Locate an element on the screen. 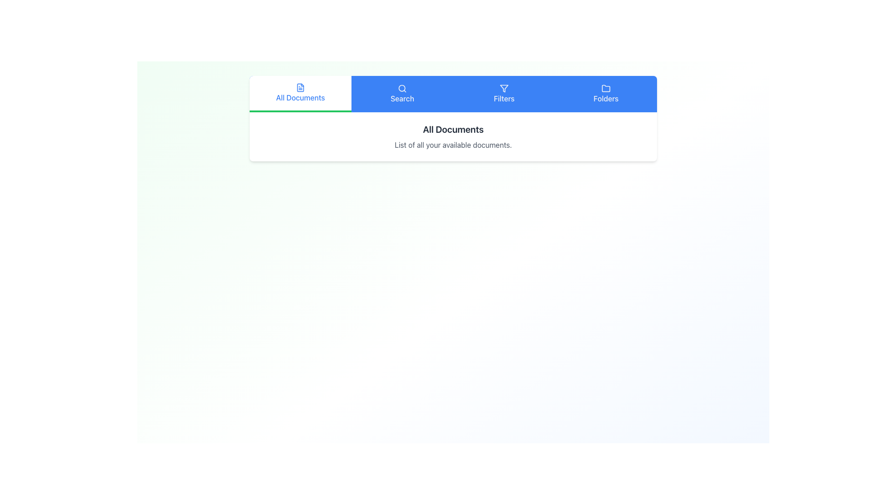  the 'Search' navigation item in the navigation bar to possibly trigger a visual effect is located at coordinates (401, 94).